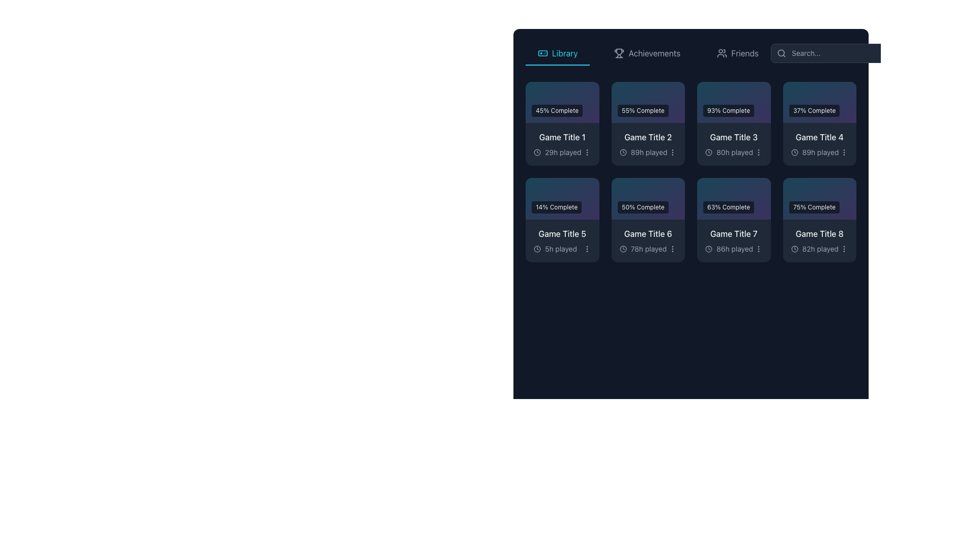 The width and height of the screenshot is (977, 549). I want to click on the circular outline of the clock icon, which is the base structure of the clock representation within the 'Game Title 5' card located in the second row, first column of the grid layout, so click(537, 249).